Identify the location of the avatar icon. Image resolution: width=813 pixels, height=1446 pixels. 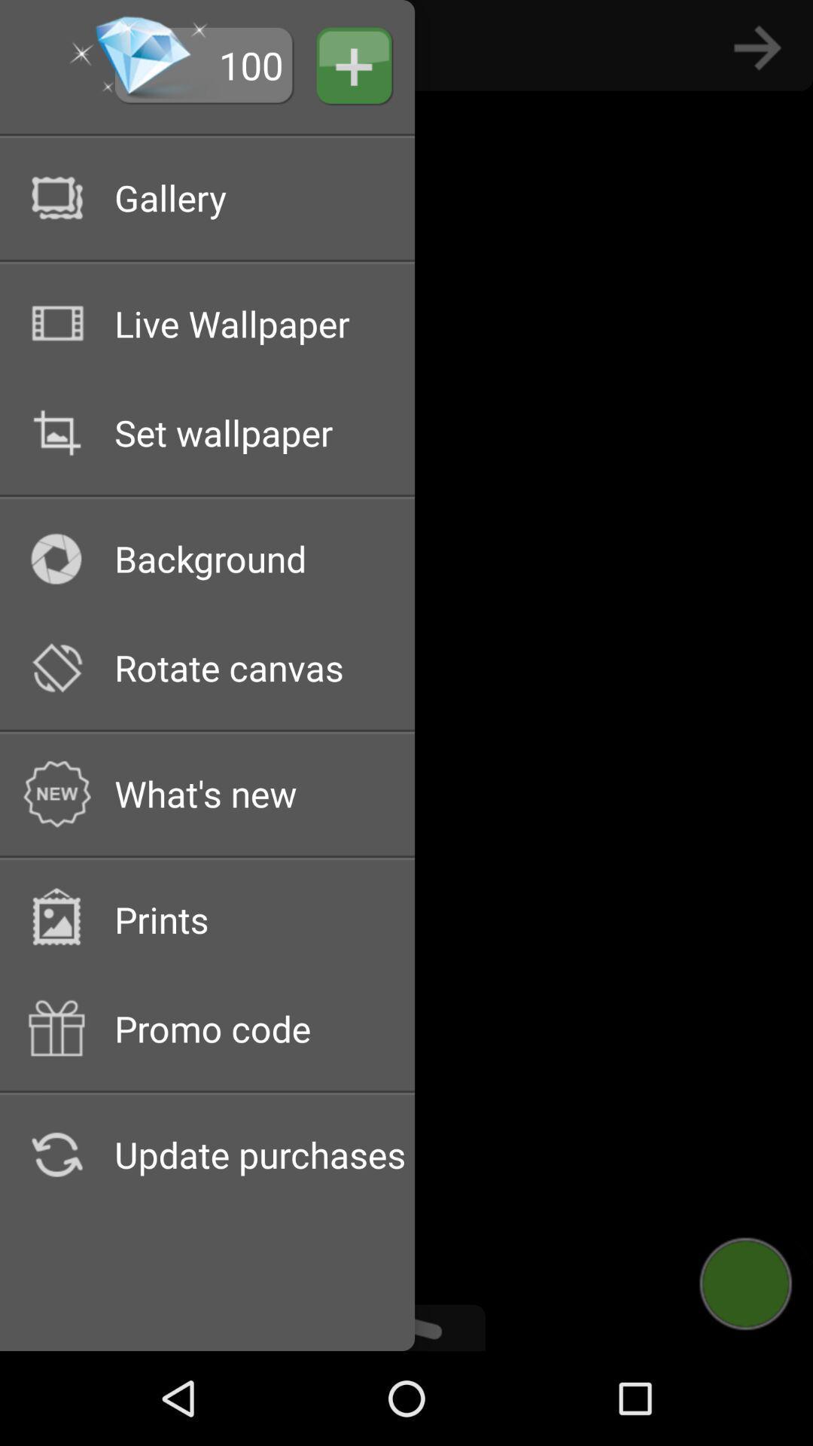
(745, 1374).